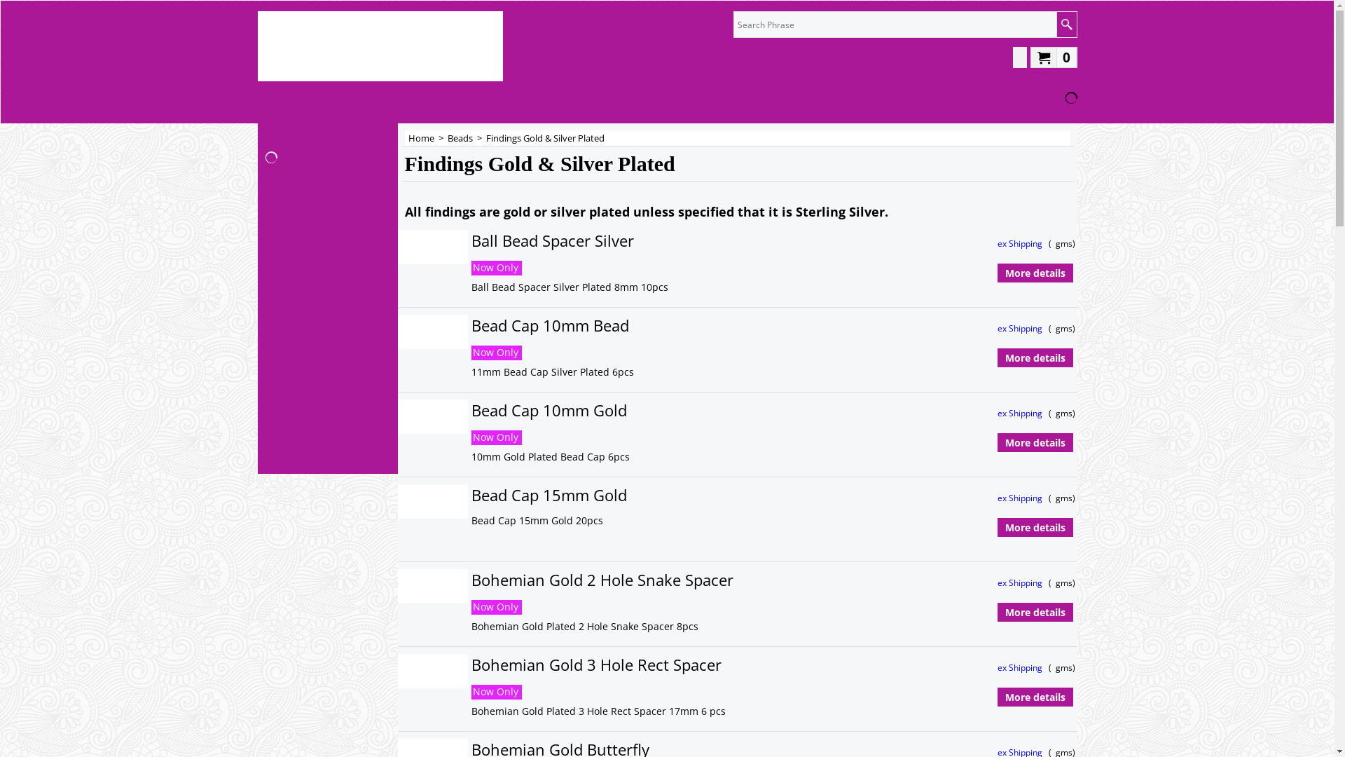 The height and width of the screenshot is (757, 1345). I want to click on 'More details', so click(1035, 612).